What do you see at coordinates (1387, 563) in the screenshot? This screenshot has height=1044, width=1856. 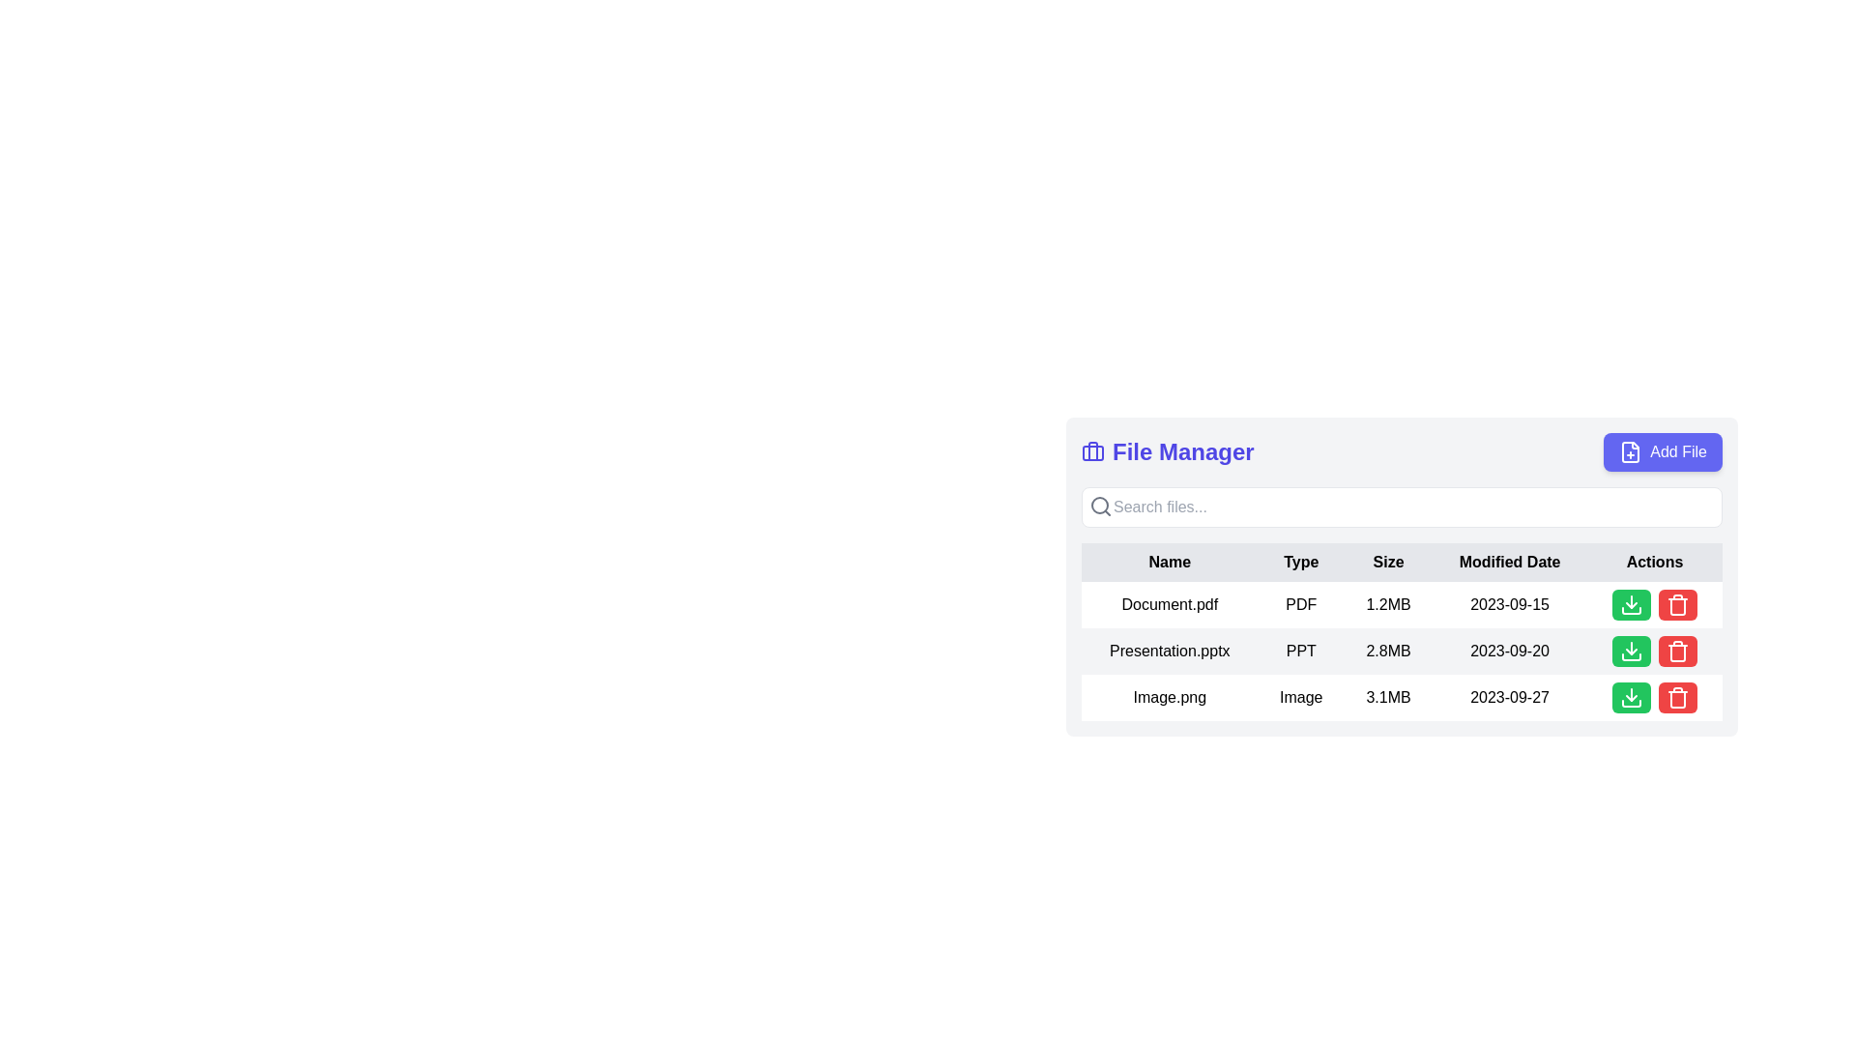 I see `the table header indicating file sizes, which is the third item in the horizontal list of column headers, positioned between 'Type' and 'Modified Date'` at bounding box center [1387, 563].